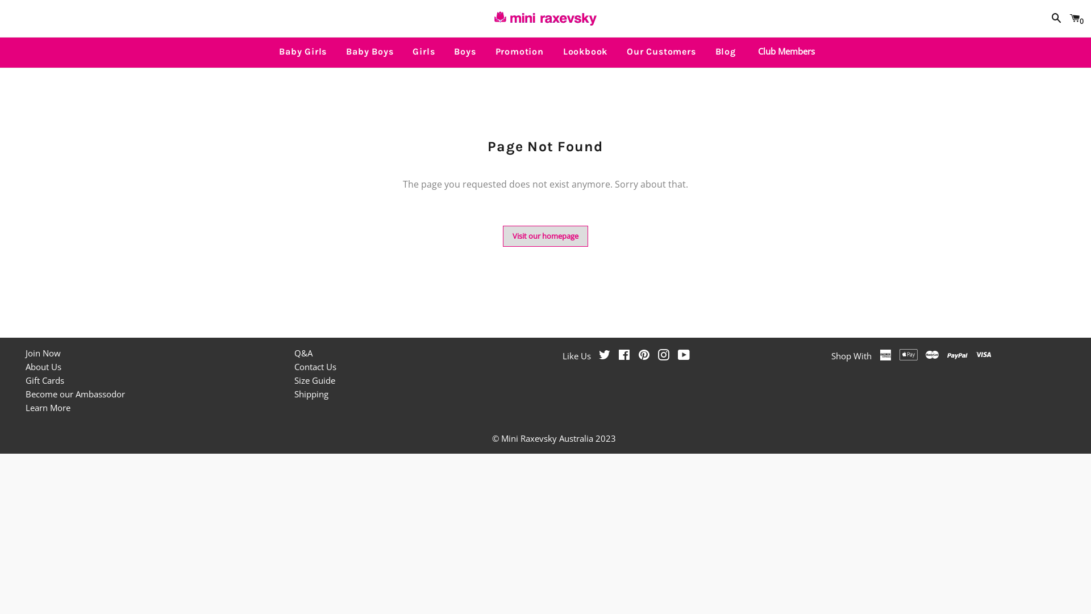 Image resolution: width=1091 pixels, height=614 pixels. Describe the element at coordinates (663, 355) in the screenshot. I see `'Instagram'` at that location.